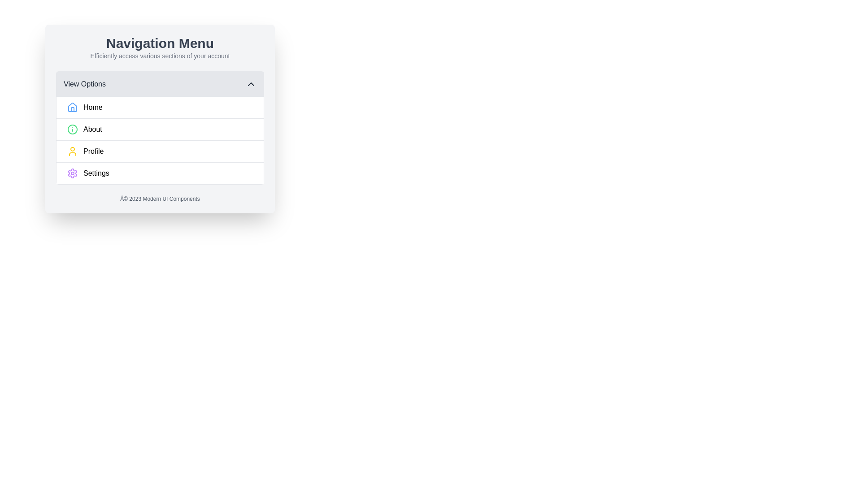  Describe the element at coordinates (73, 173) in the screenshot. I see `the gear icon representing settings, which is styled in purple and located next to the 'Settings' label in the navigation menu` at that location.